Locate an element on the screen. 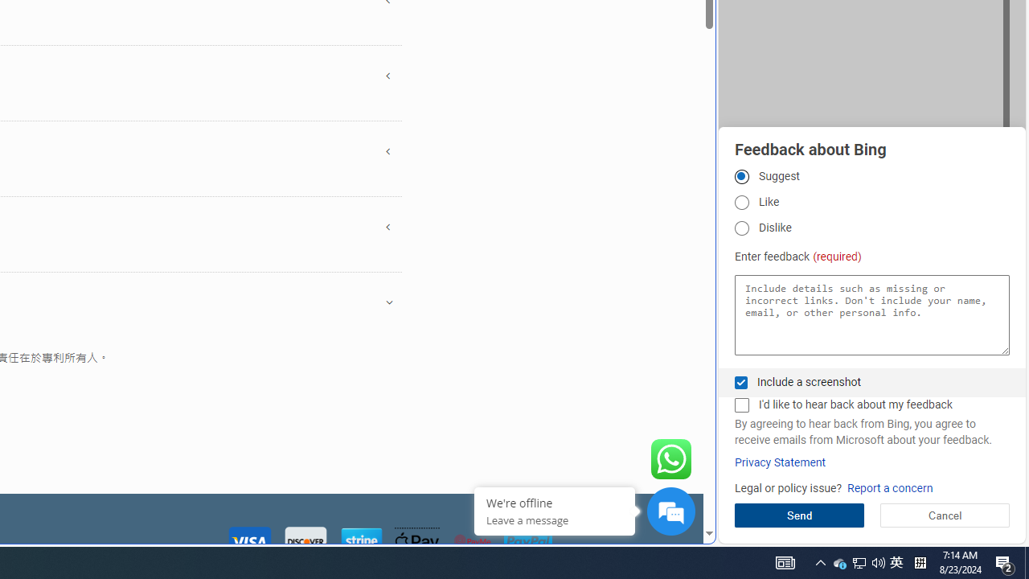 This screenshot has width=1029, height=579. 'Send' is located at coordinates (799, 515).